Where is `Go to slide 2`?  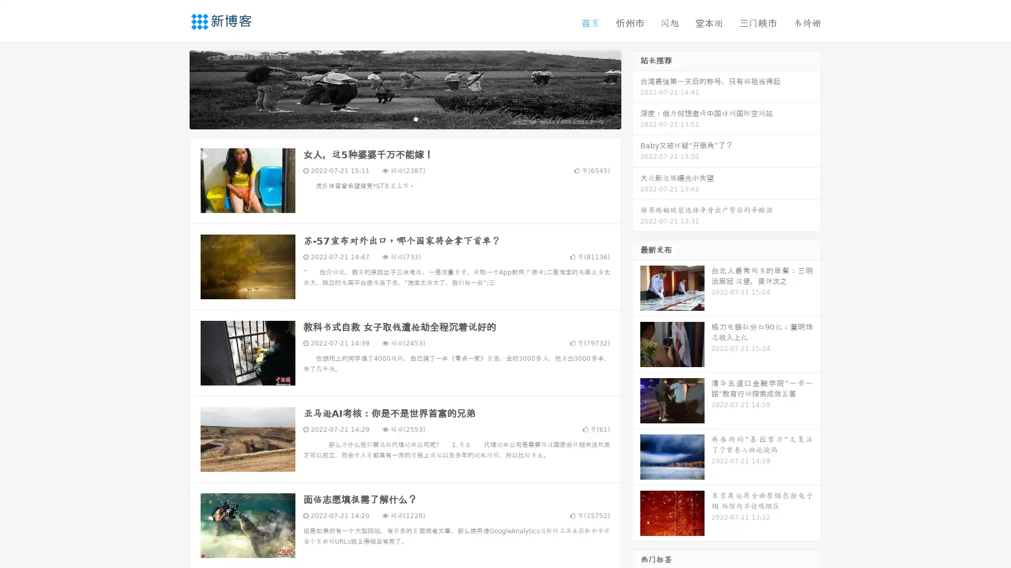 Go to slide 2 is located at coordinates (404, 118).